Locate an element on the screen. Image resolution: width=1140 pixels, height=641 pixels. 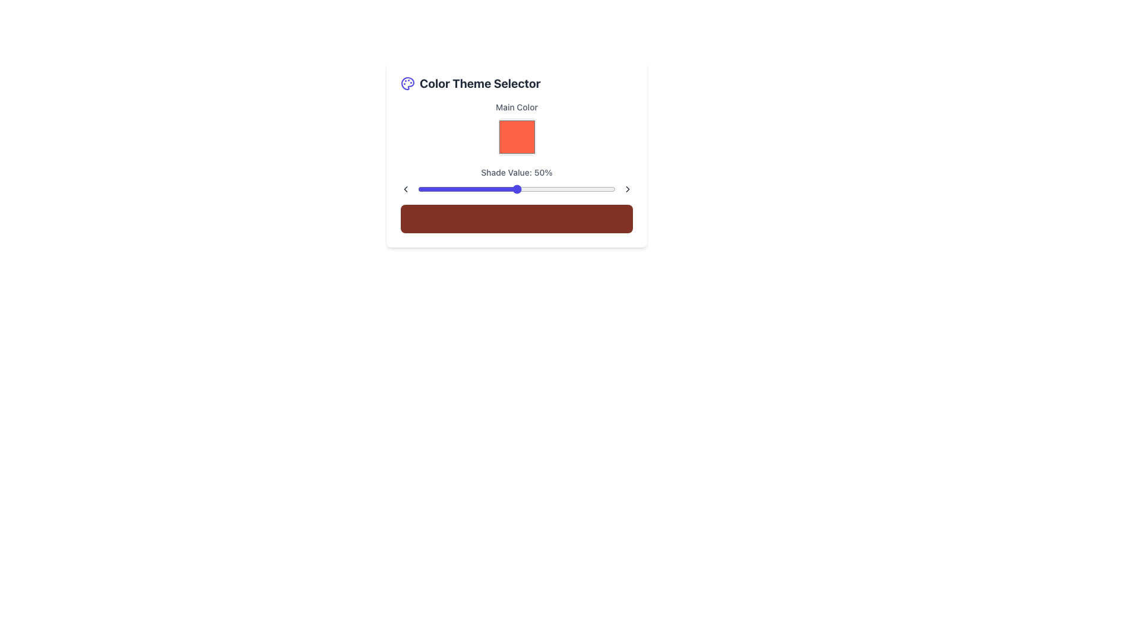
the icon button located at the far left of the Color Theme Selector card is located at coordinates (406, 189).